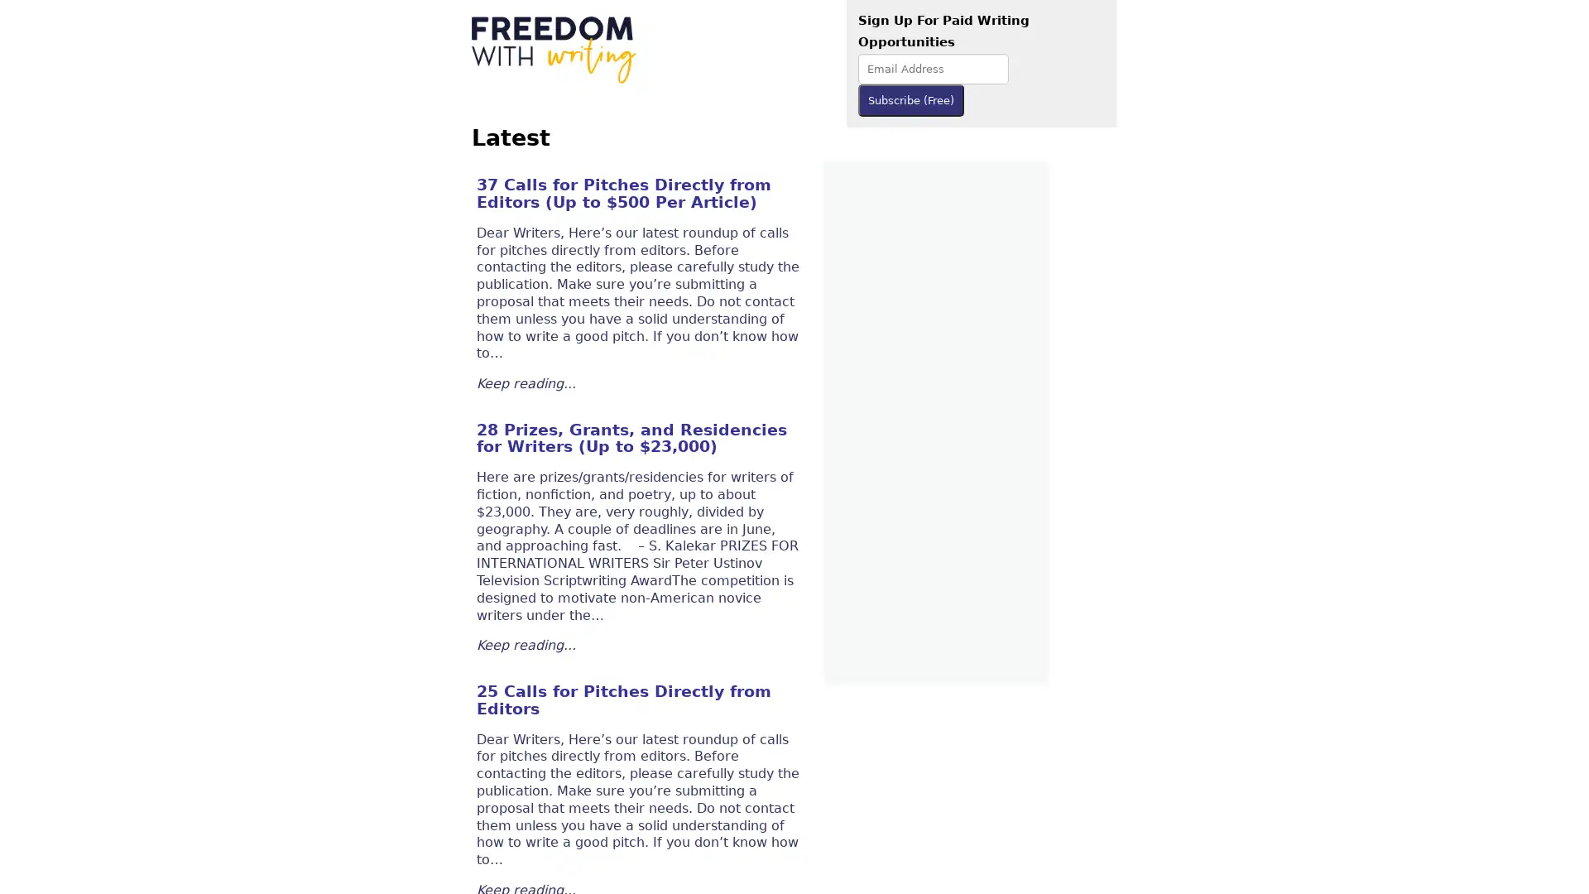  I want to click on Subscribe (Free), so click(909, 99).